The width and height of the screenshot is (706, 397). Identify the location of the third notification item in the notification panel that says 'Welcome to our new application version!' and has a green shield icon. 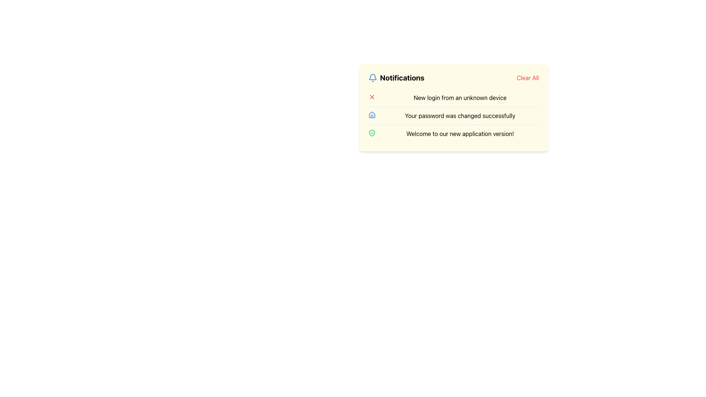
(453, 133).